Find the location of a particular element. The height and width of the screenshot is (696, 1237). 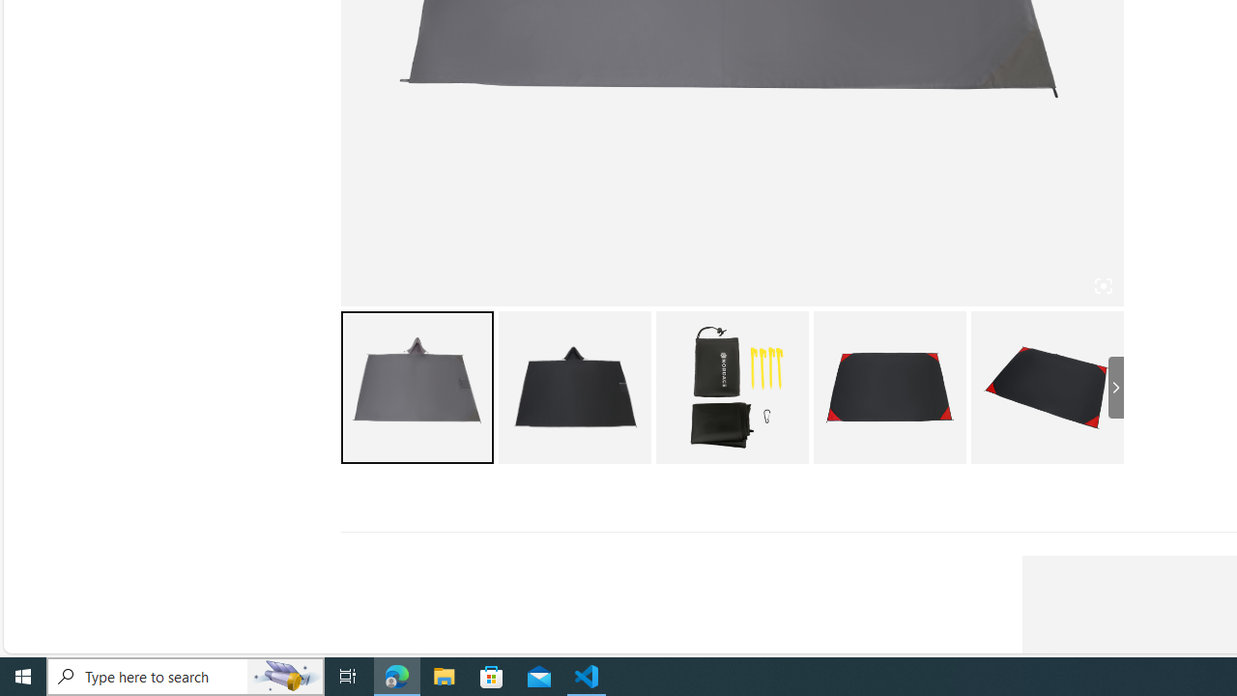

'Class: iconic-woothumbs-fullscreen' is located at coordinates (1103, 286).